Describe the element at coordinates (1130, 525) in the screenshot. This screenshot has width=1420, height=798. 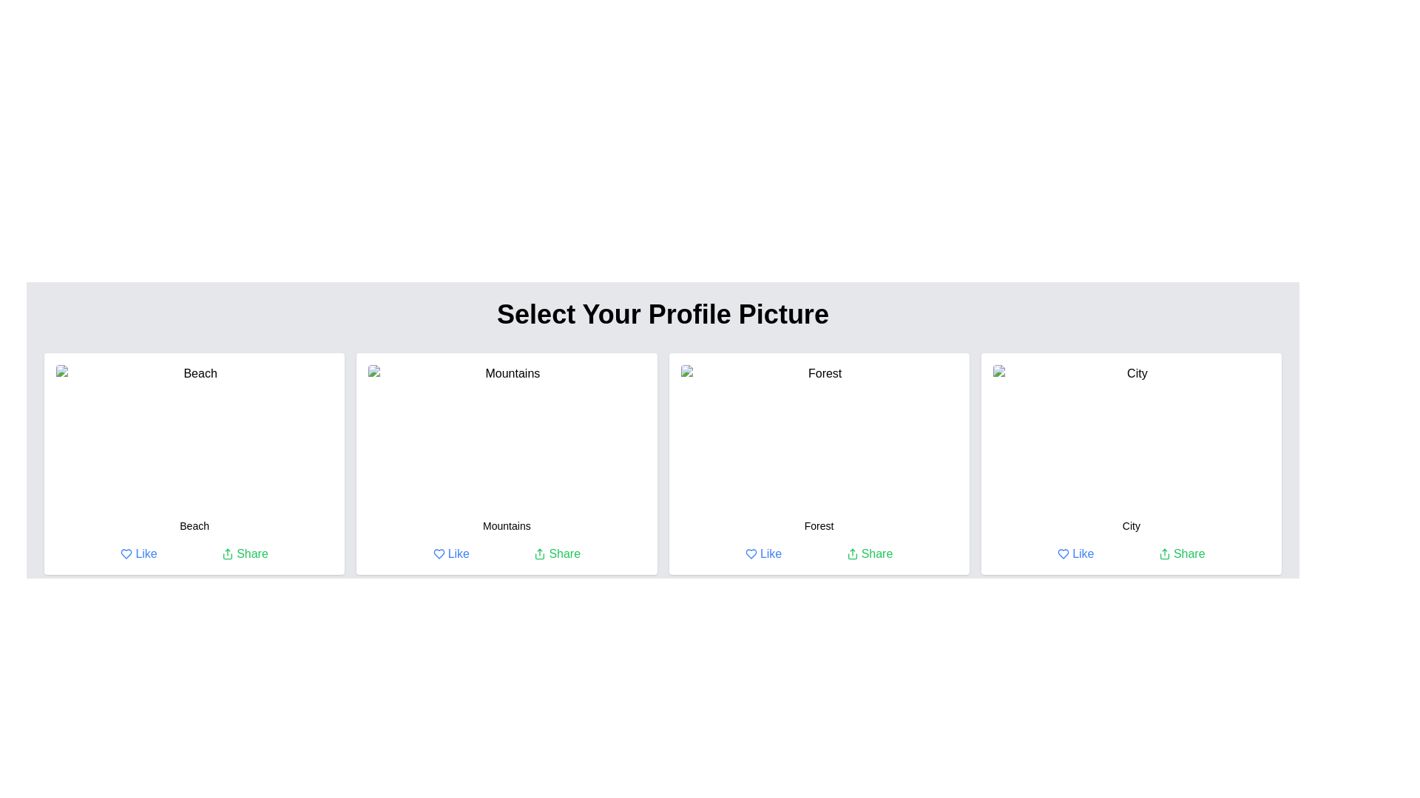
I see `the Text Label element located at the bottom of the 'City' card component, which provides descriptive information about the card's content` at that location.